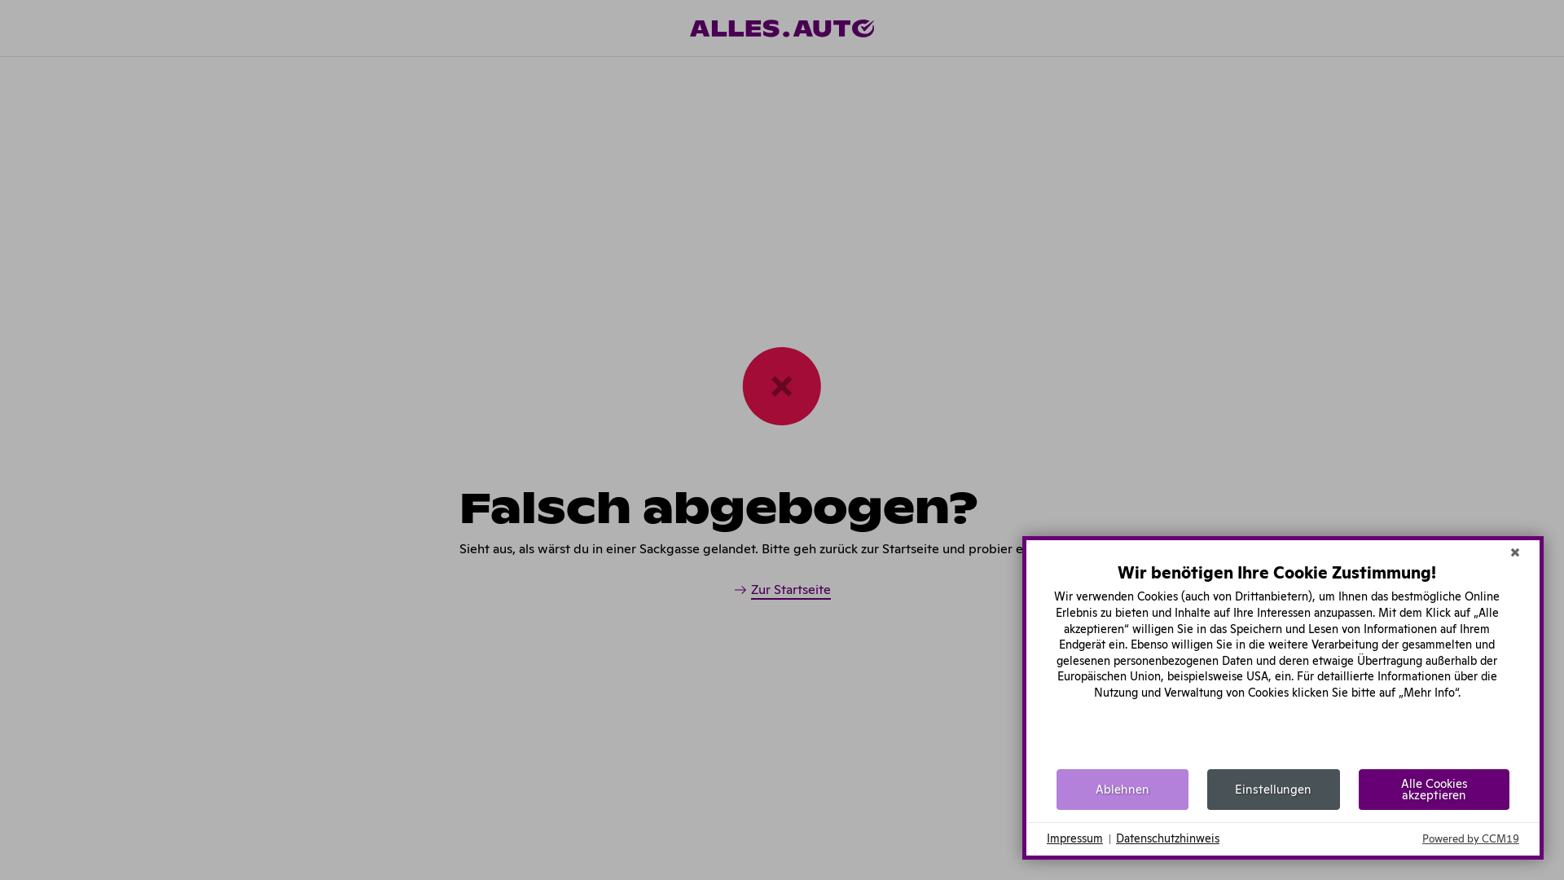 This screenshot has height=880, width=1564. Describe the element at coordinates (732, 591) in the screenshot. I see `'Zur Startseite'` at that location.